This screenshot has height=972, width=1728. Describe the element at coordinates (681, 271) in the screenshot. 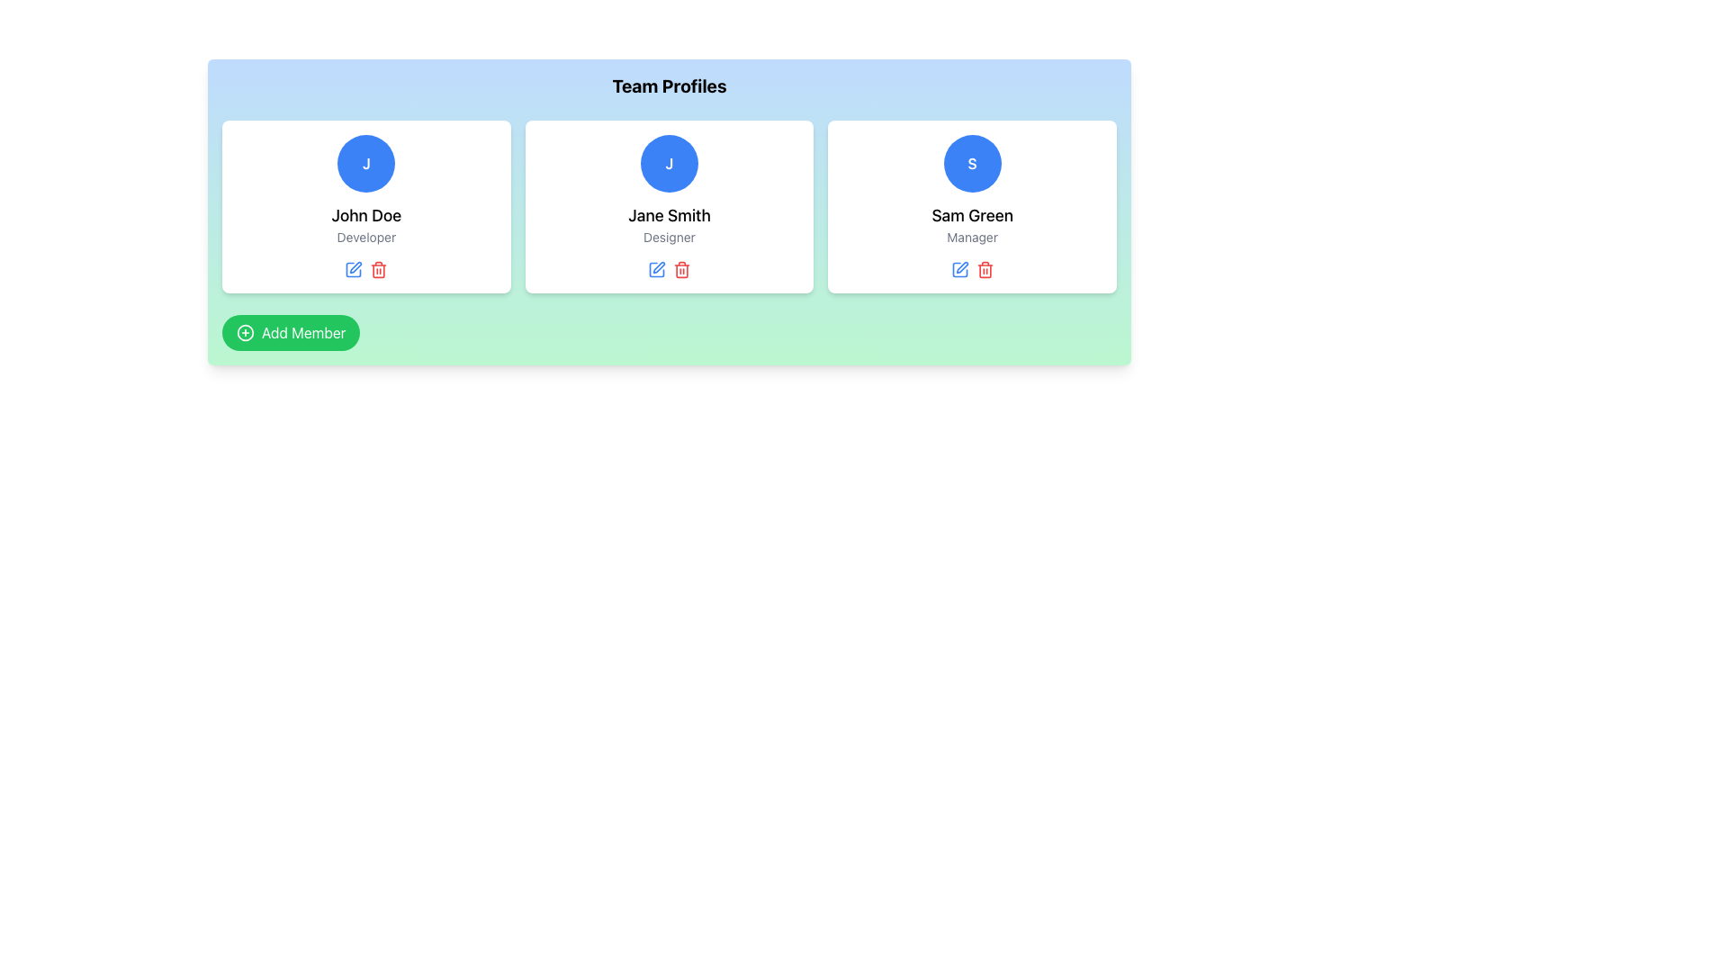

I see `the 'Delete' button located to the right of the blue pencil icon within the 'Jane Smith Designer' card` at that location.